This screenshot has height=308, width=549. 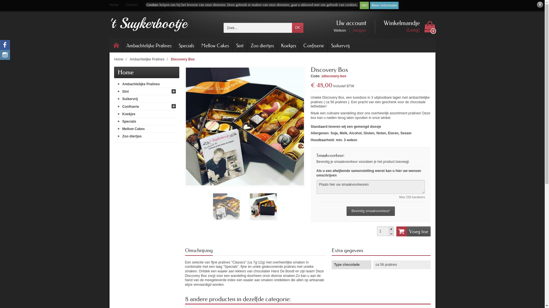 What do you see at coordinates (199, 250) in the screenshot?
I see `'Omschrijving'` at bounding box center [199, 250].